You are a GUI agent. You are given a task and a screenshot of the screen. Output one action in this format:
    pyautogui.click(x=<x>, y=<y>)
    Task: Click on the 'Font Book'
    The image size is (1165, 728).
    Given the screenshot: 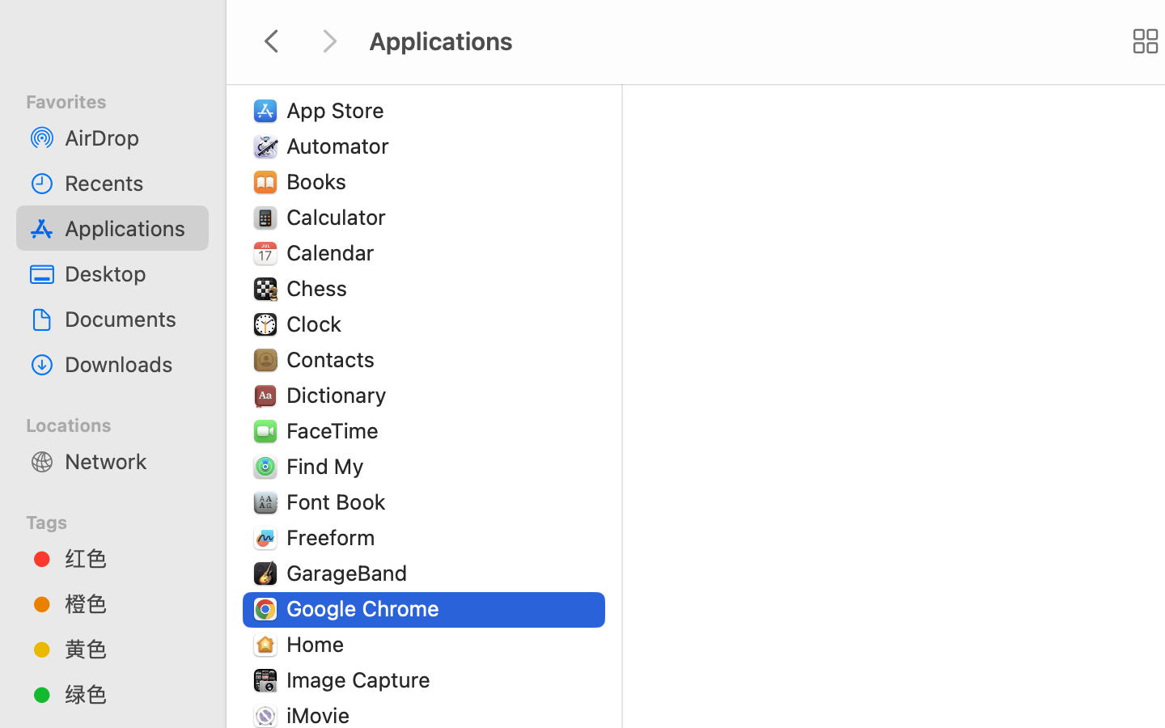 What is the action you would take?
    pyautogui.click(x=339, y=502)
    